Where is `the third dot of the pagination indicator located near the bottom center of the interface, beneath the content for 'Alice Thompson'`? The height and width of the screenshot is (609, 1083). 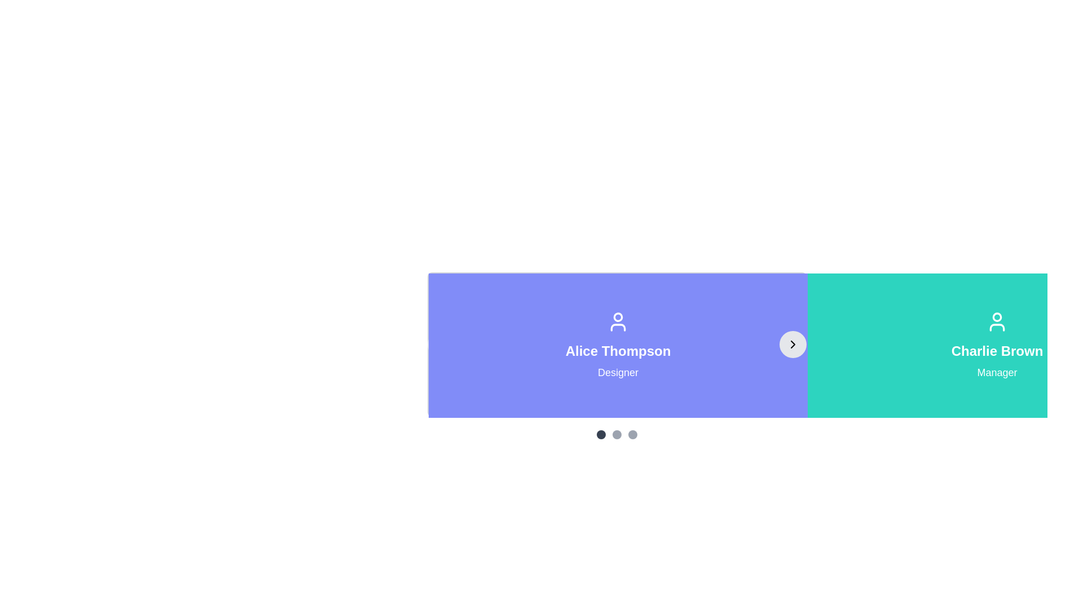
the third dot of the pagination indicator located near the bottom center of the interface, beneath the content for 'Alice Thompson' is located at coordinates (617, 434).